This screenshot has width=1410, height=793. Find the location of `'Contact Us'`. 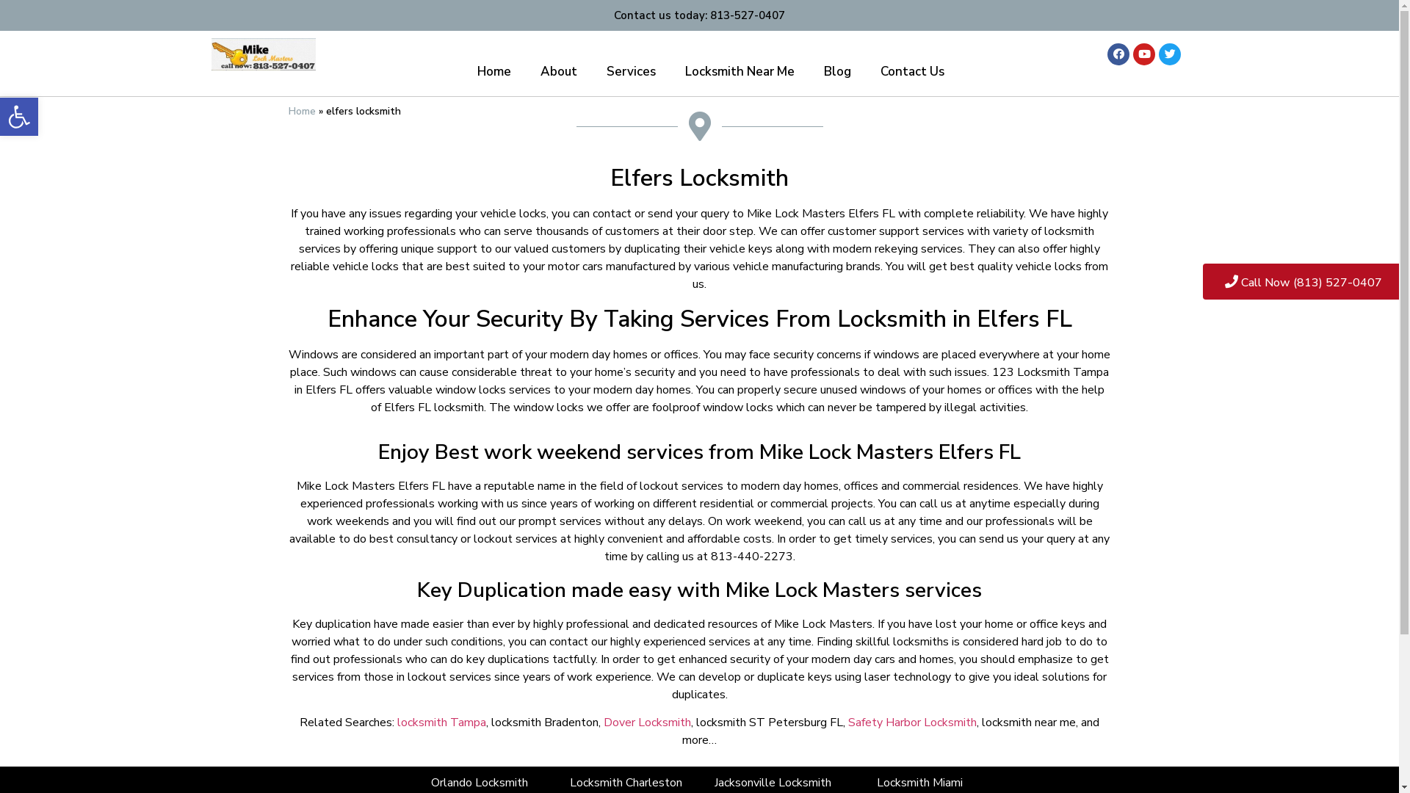

'Contact Us' is located at coordinates (911, 71).